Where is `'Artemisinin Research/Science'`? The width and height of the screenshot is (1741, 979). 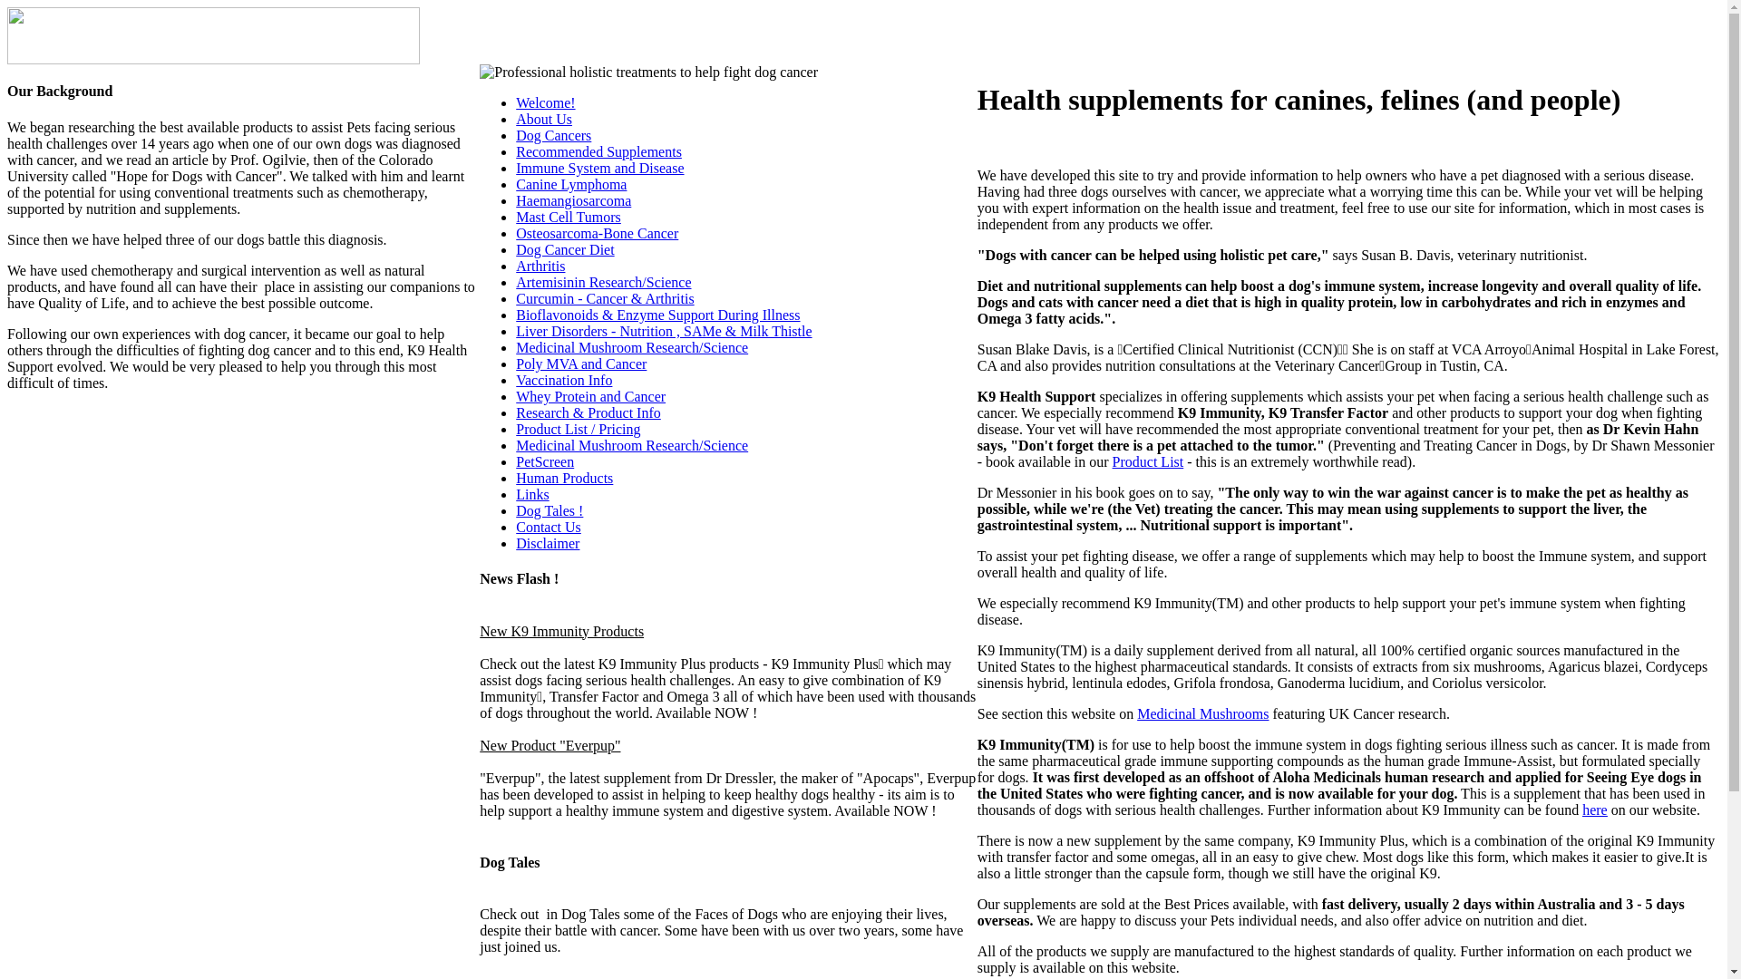 'Artemisinin Research/Science' is located at coordinates (603, 282).